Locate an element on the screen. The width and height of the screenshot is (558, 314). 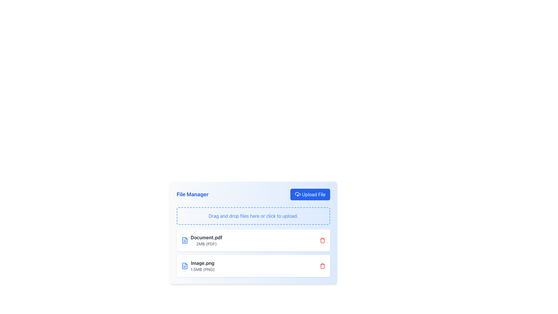
the rectangular outline representing the document file icon located within the 'File Manager' component, adjacent to 'Document.pdf' is located at coordinates (184, 240).